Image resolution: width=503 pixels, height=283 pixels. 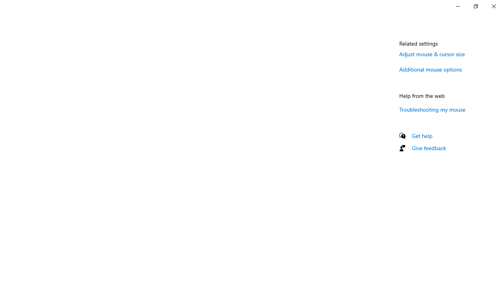 What do you see at coordinates (422, 135) in the screenshot?
I see `'Get help'` at bounding box center [422, 135].